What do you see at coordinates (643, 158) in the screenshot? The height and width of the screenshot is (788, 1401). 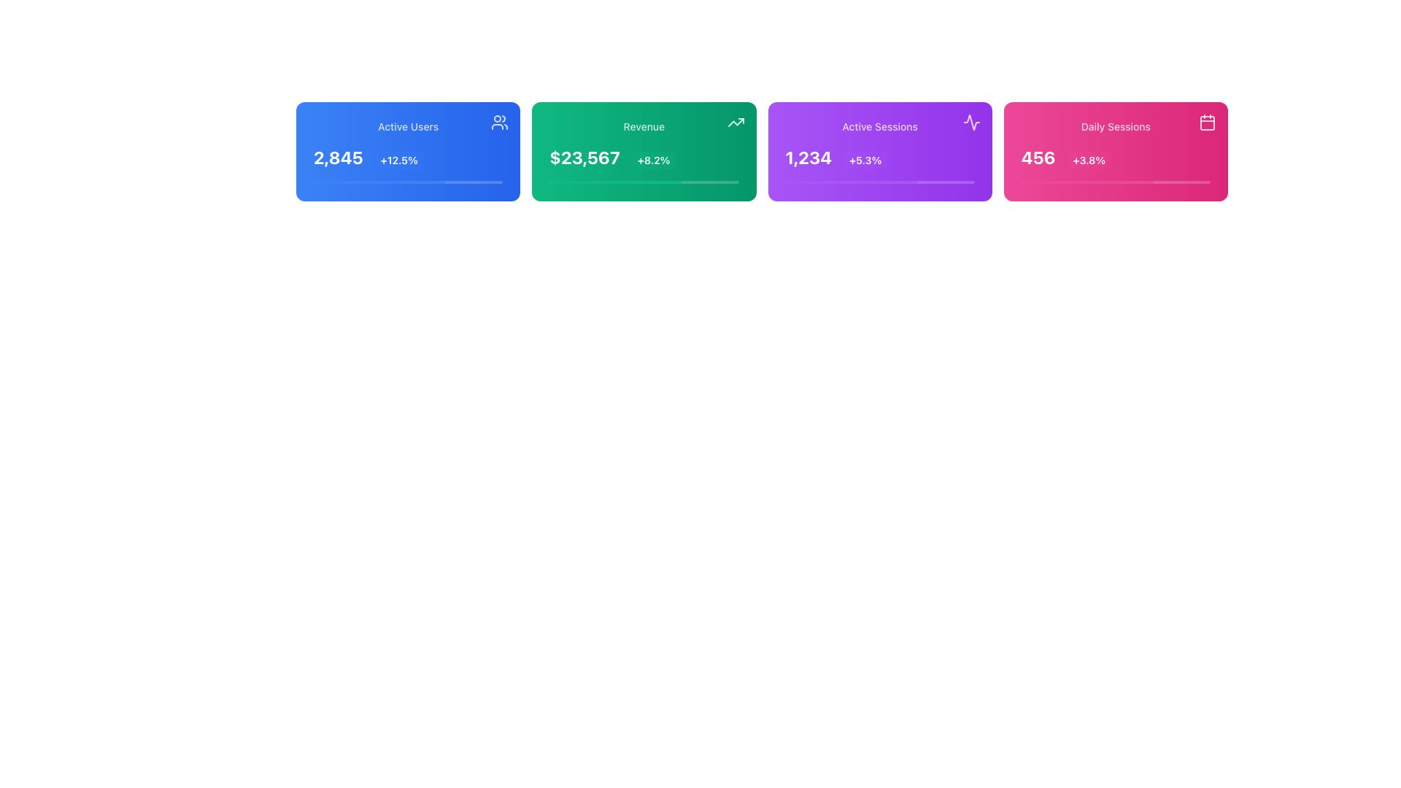 I see `the textual display component showing the financial metric '$23,567' and the percentage change '+8.2%', located beneath the 'Revenue' header in the second card of four horizontally arranged cards` at bounding box center [643, 158].